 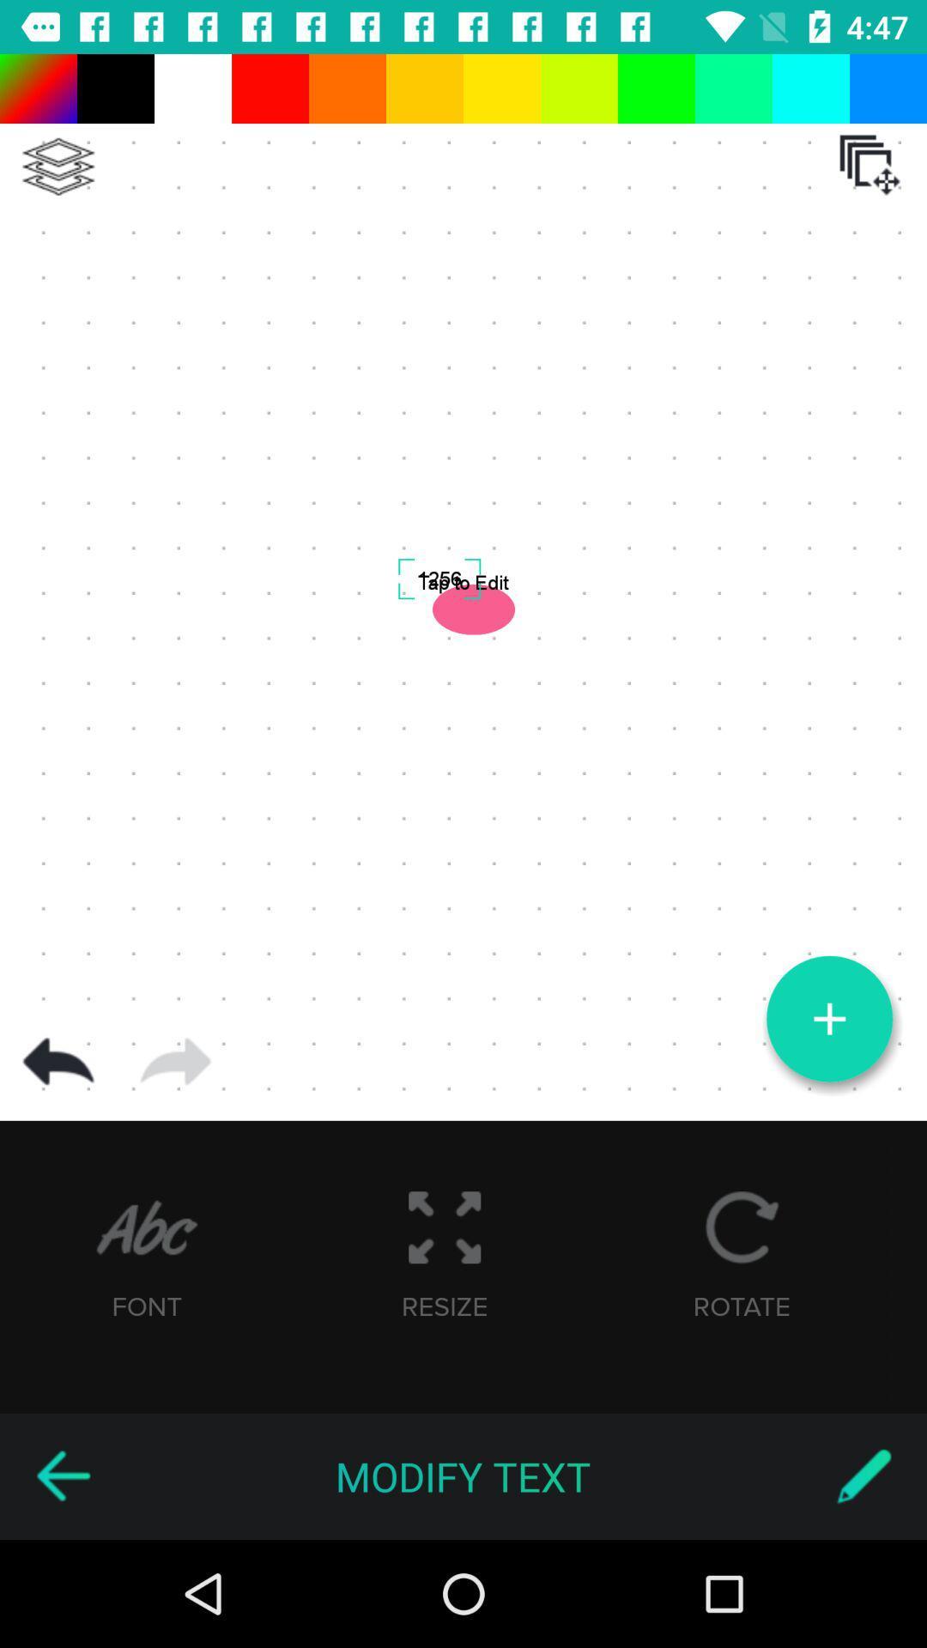 I want to click on new logo, so click(x=828, y=1019).